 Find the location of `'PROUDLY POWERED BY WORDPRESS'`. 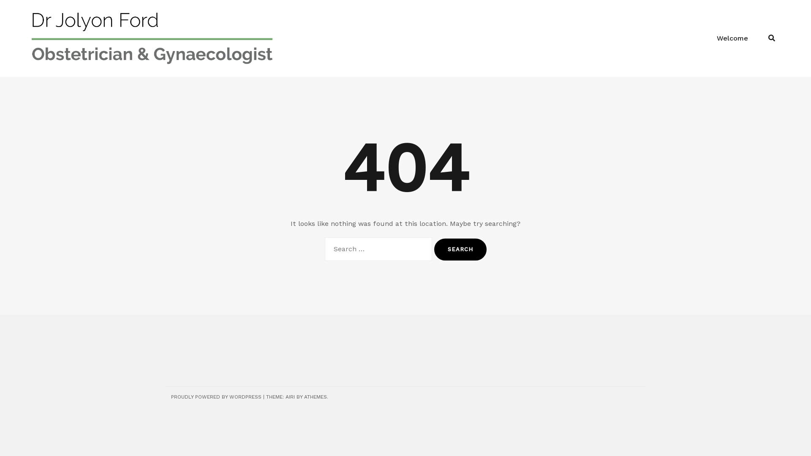

'PROUDLY POWERED BY WORDPRESS' is located at coordinates (216, 397).